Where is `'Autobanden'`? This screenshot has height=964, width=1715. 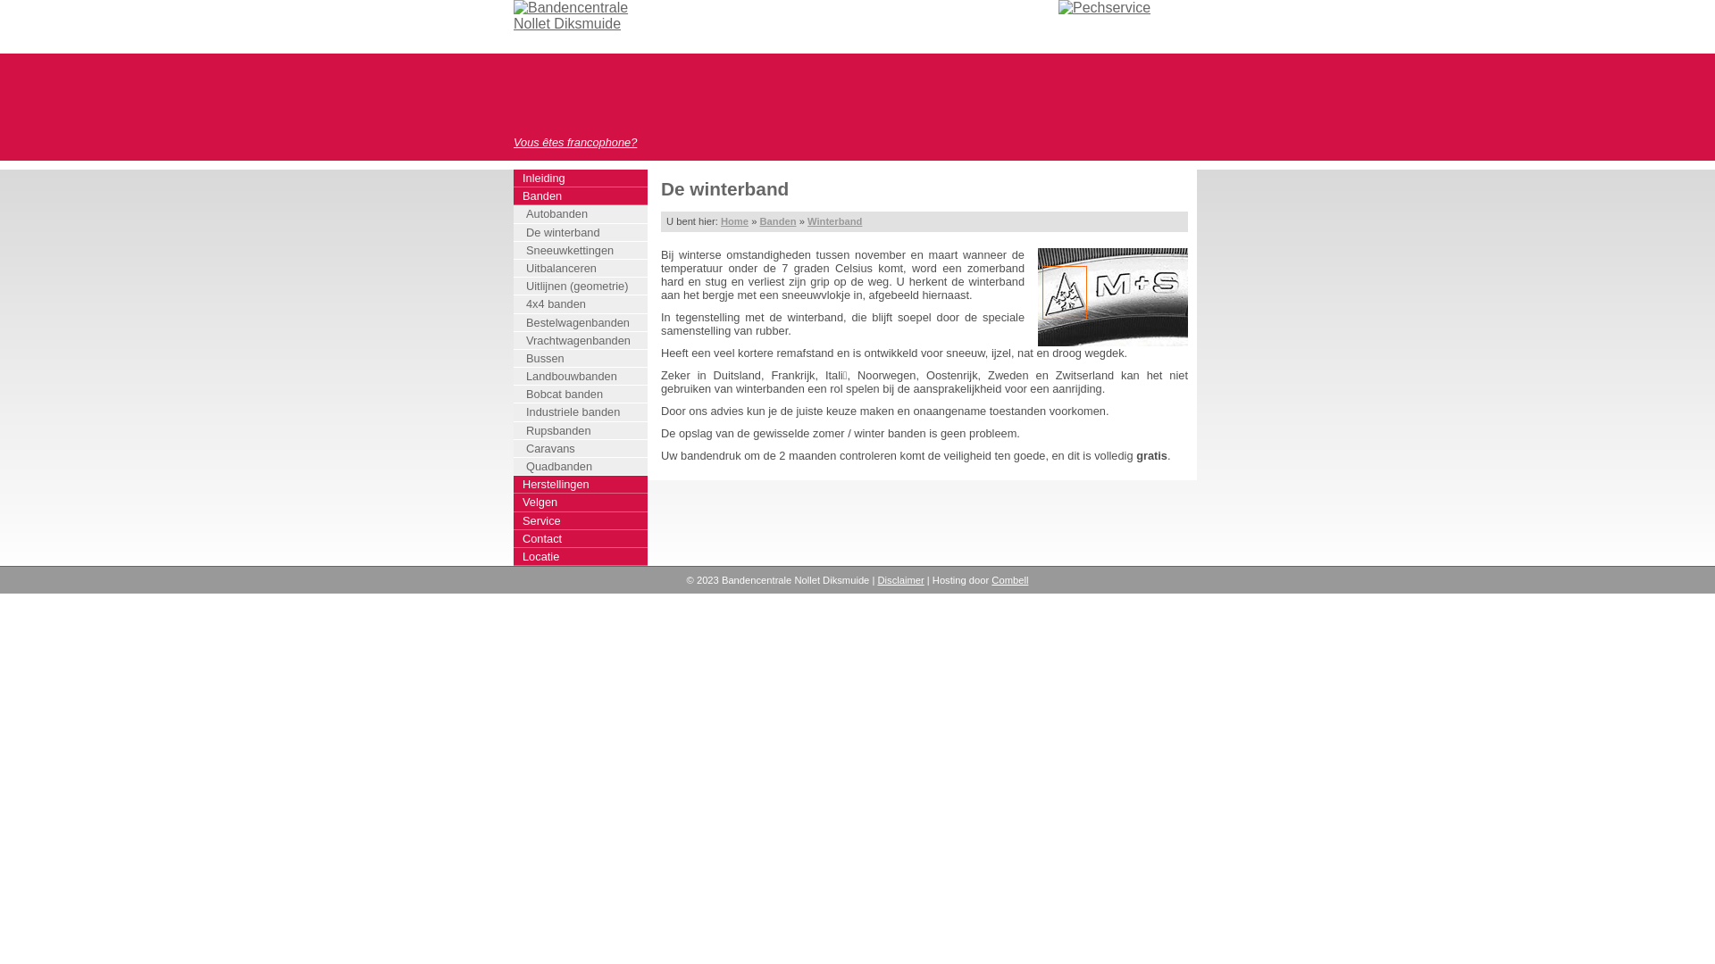
'Autobanden' is located at coordinates (582, 212).